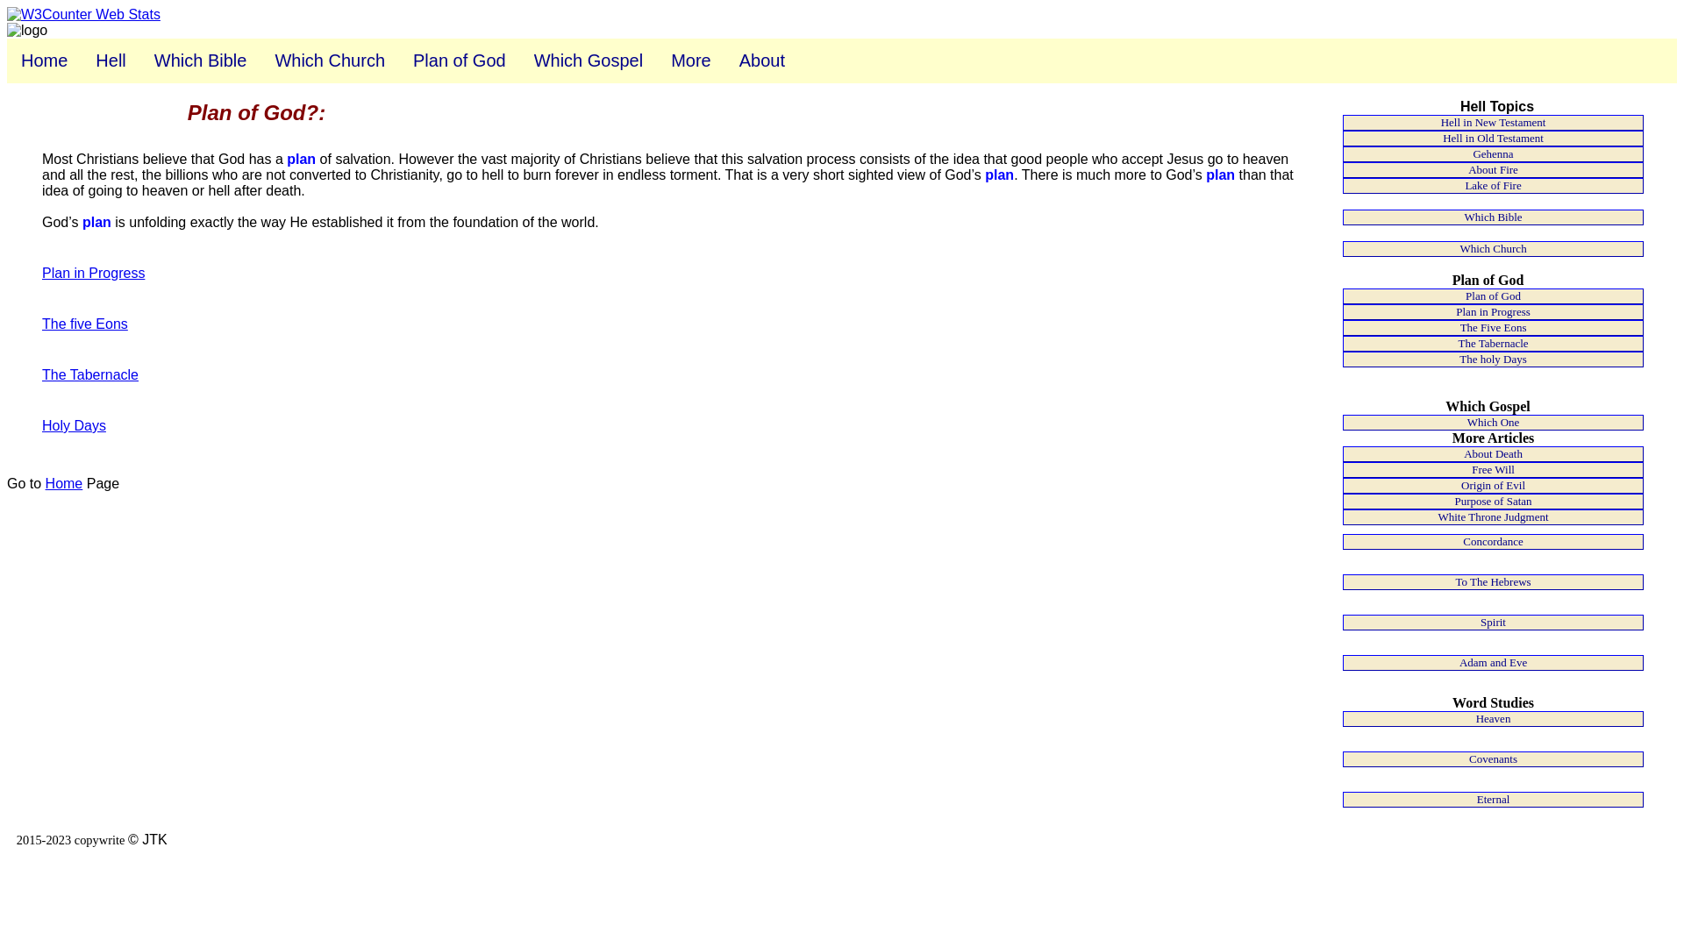 The image size is (1684, 947). Describe the element at coordinates (1342, 328) in the screenshot. I see `'The Five Eons'` at that location.